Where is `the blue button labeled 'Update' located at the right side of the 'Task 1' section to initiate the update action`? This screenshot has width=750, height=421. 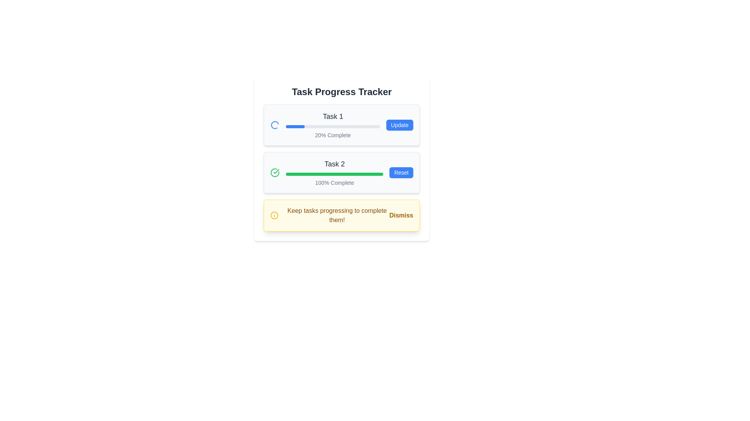 the blue button labeled 'Update' located at the right side of the 'Task 1' section to initiate the update action is located at coordinates (400, 124).